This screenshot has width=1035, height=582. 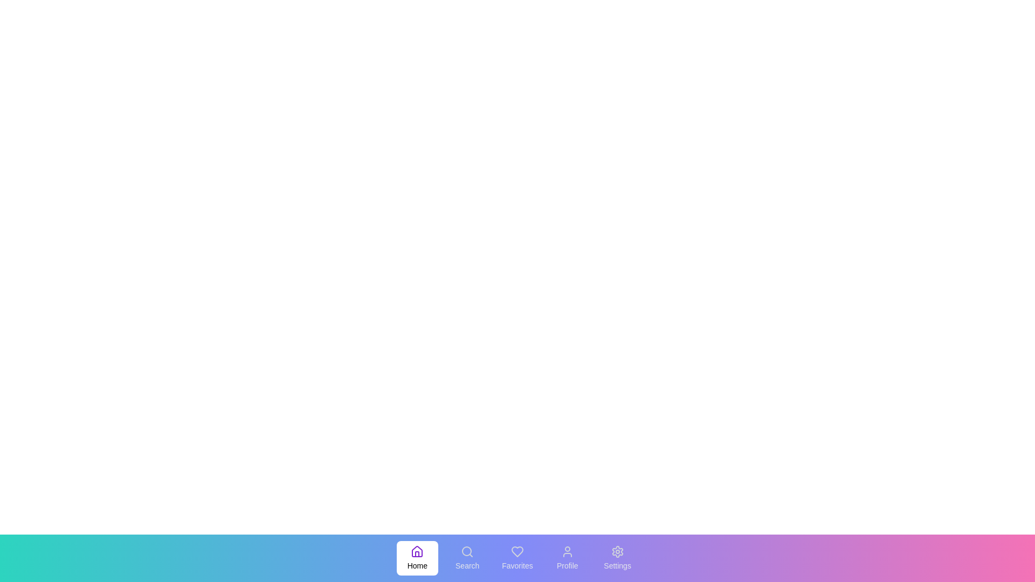 What do you see at coordinates (517, 558) in the screenshot?
I see `the menu item Favorites by clicking on it` at bounding box center [517, 558].